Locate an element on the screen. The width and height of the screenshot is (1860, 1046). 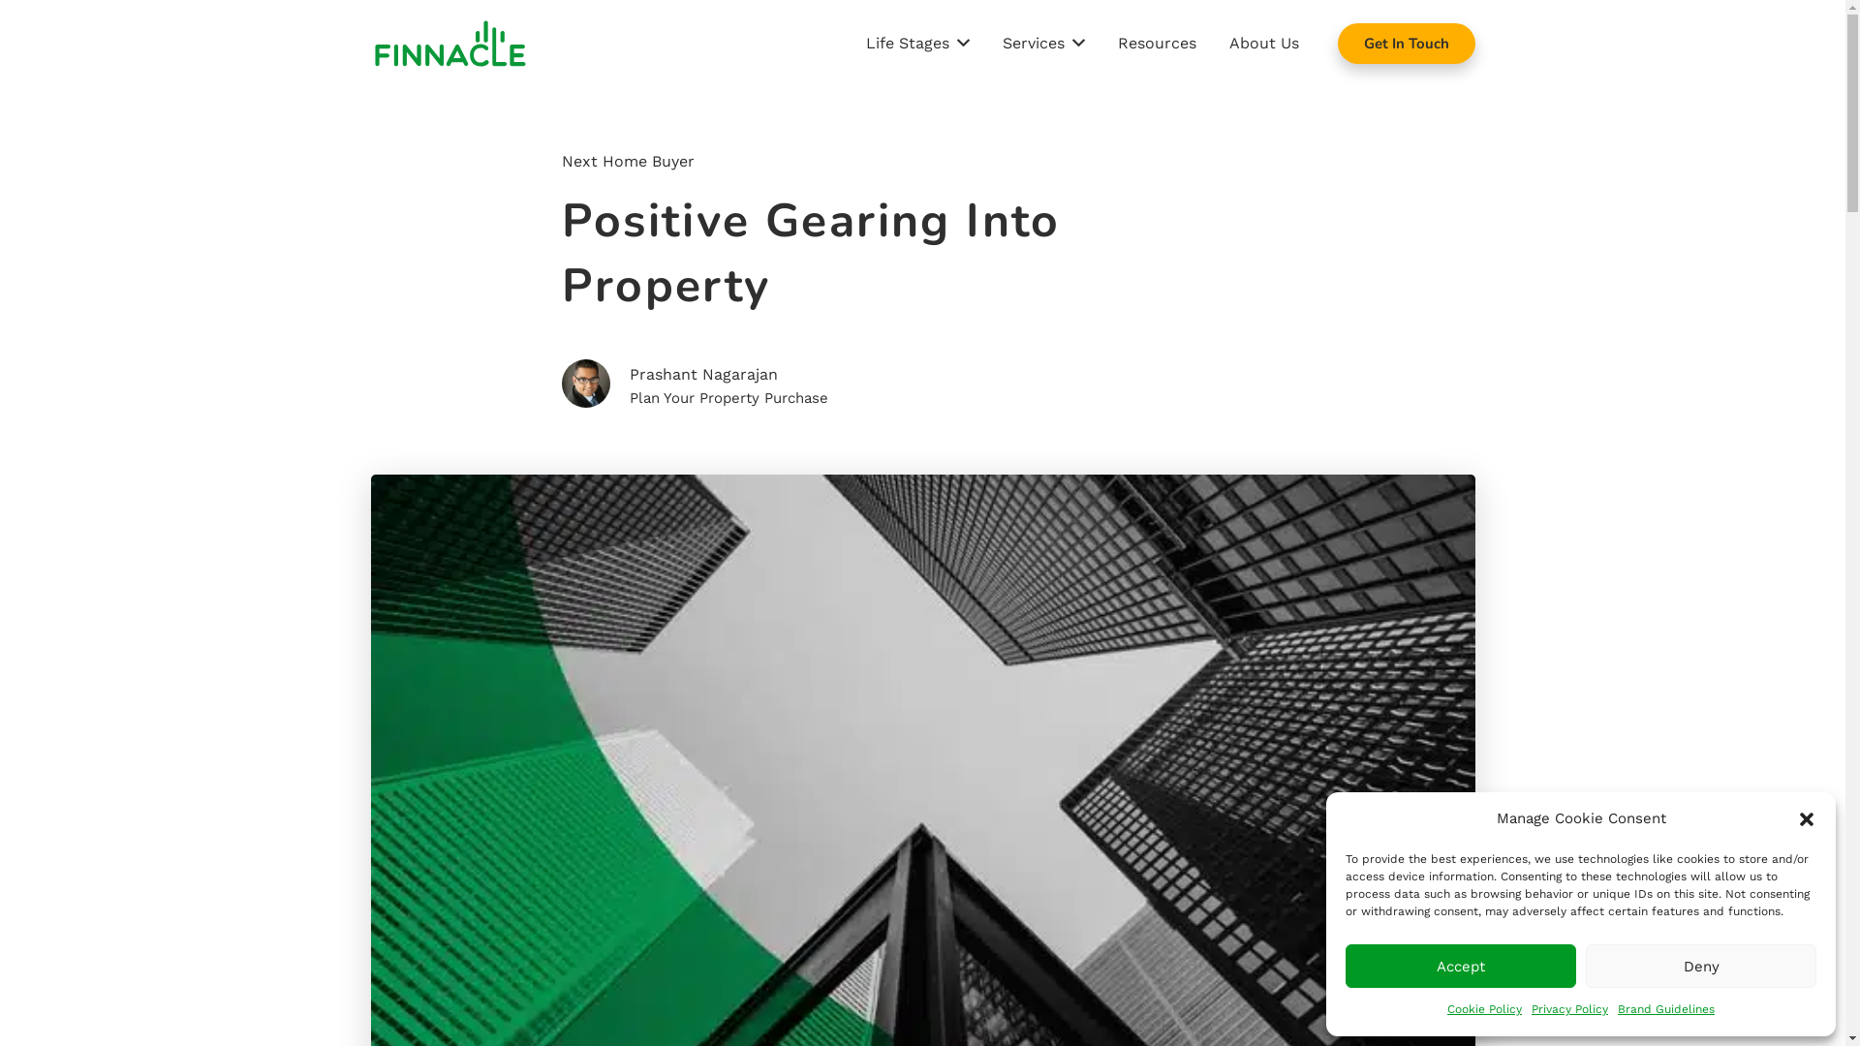
'Resources' is located at coordinates (1157, 44).